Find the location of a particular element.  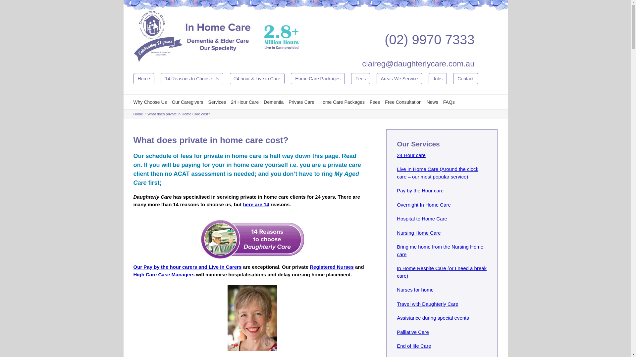

'(02) 9970 7333' is located at coordinates (429, 39).